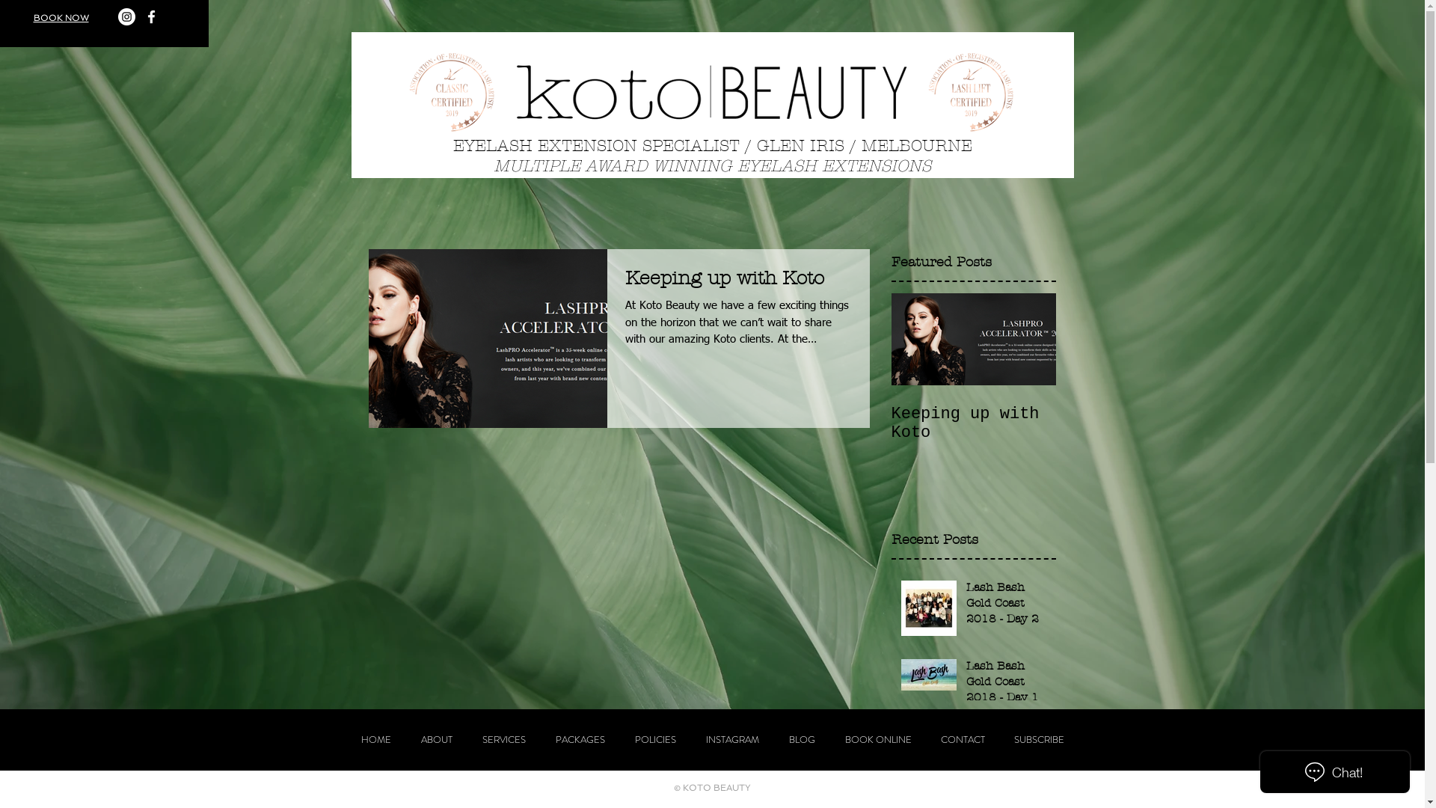  Describe the element at coordinates (970, 92) in the screenshot. I see `'47683490_2237065376317145_44320505531654'` at that location.